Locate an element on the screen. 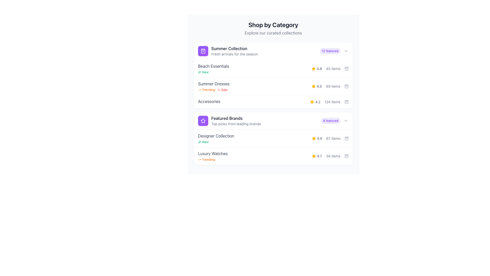 The image size is (490, 276). the label that indicates the quantity of items associated with the respective category, located at the bottom-right corner of the UI elements group, after the rating star is located at coordinates (333, 156).